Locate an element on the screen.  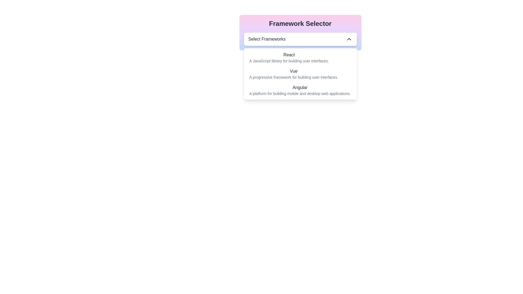
the selectable list item for 'Vue' in the 'Framework Selector' dropdown is located at coordinates (293, 74).